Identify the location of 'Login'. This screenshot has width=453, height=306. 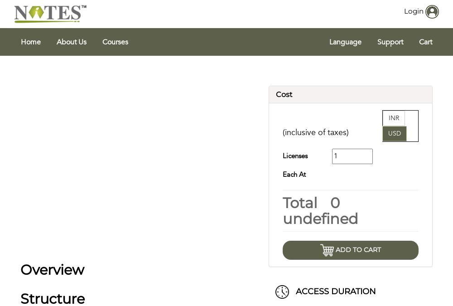
(414, 10).